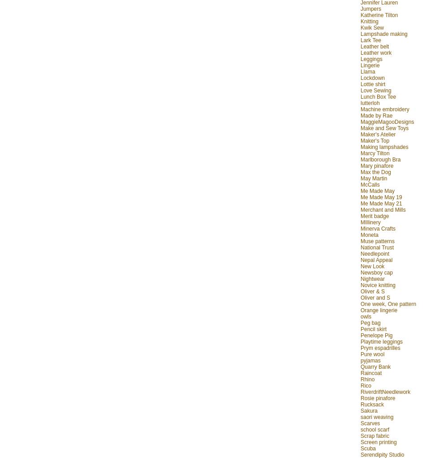 This screenshot has width=439, height=458. Describe the element at coordinates (372, 404) in the screenshot. I see `'Rucksack'` at that location.